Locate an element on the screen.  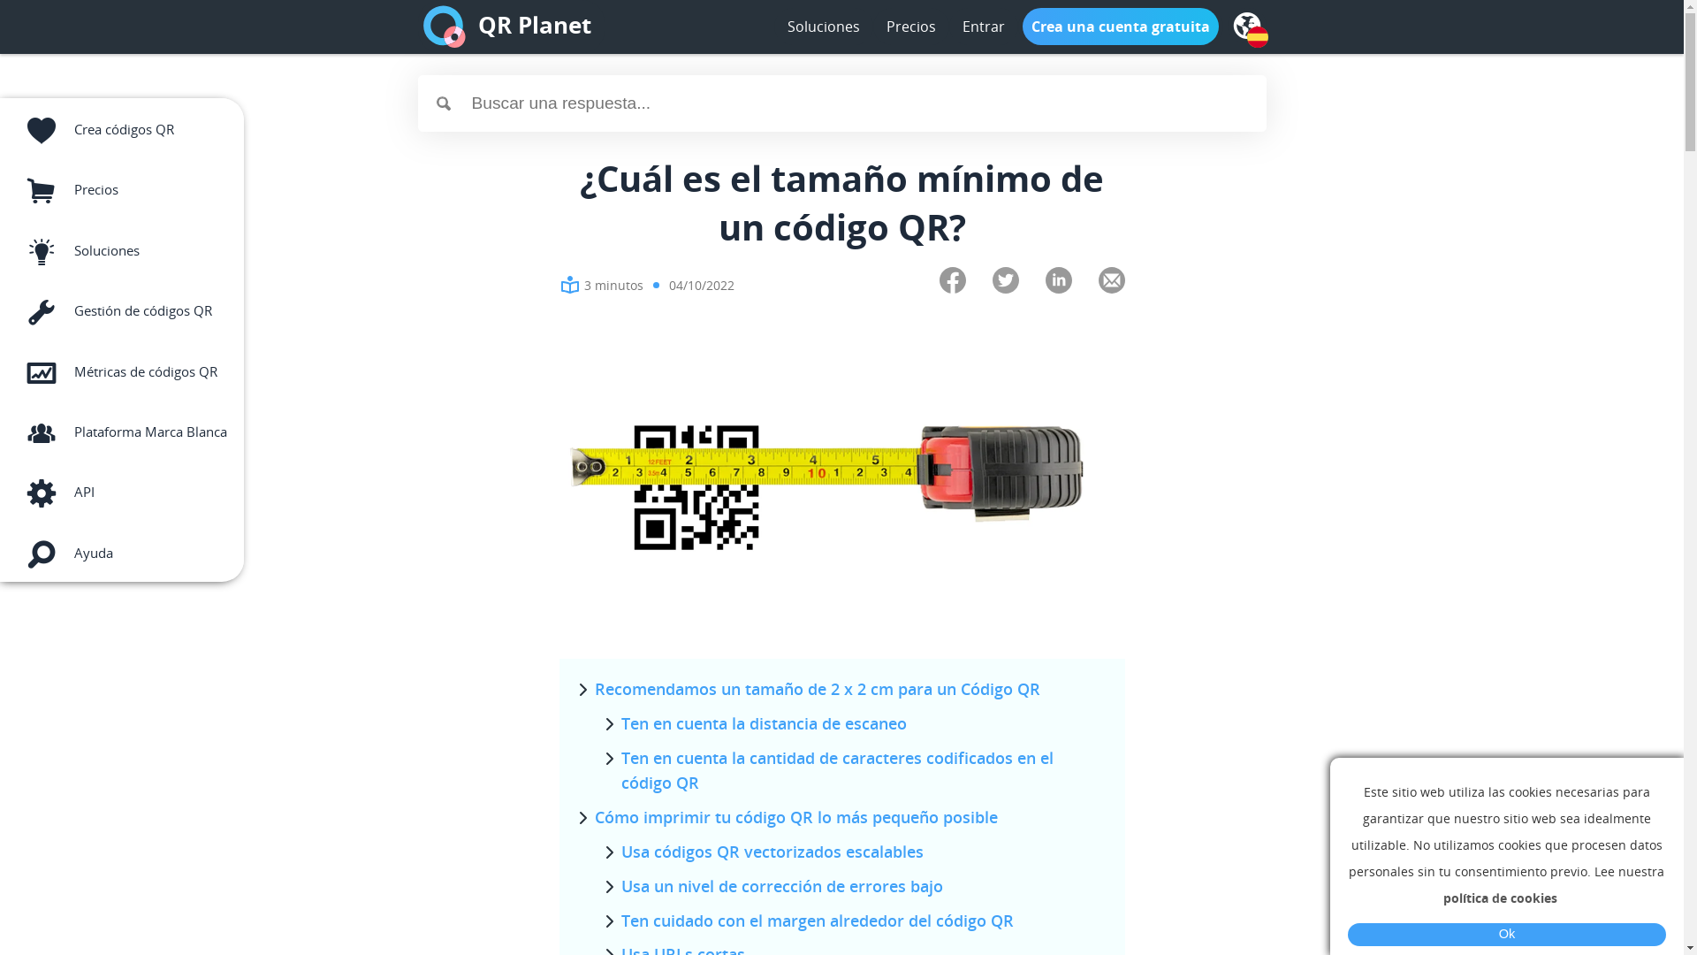
'Share on Twitter' is located at coordinates (1005, 281).